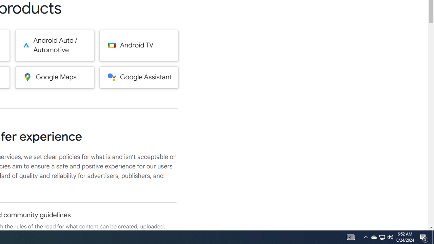 Image resolution: width=434 pixels, height=244 pixels. I want to click on 'Android Auto / Automotive', so click(55, 45).